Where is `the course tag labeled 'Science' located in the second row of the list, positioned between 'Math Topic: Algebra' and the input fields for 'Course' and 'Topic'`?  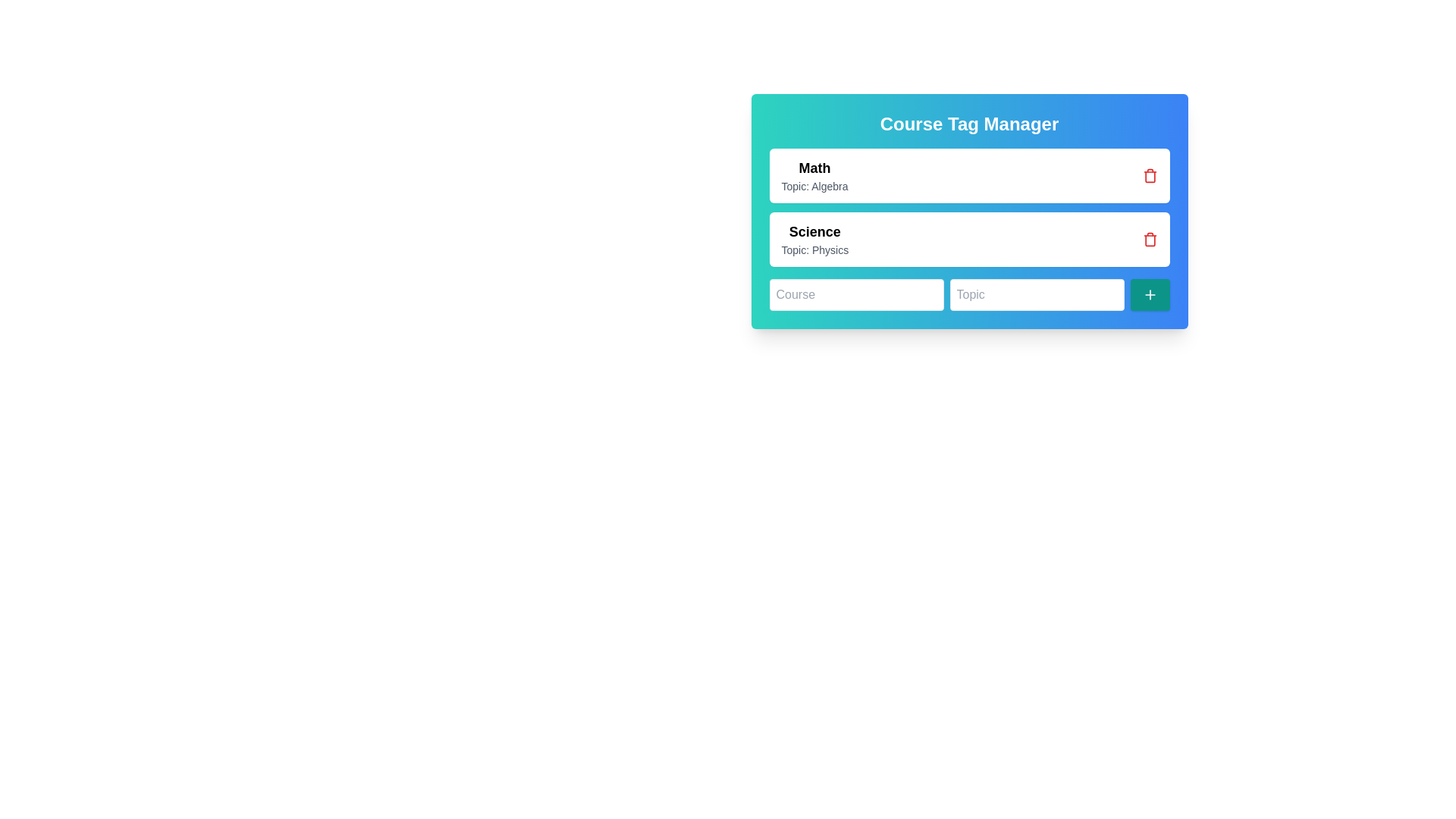
the course tag labeled 'Science' located in the second row of the list, positioned between 'Math Topic: Algebra' and the input fields for 'Course' and 'Topic' is located at coordinates (814, 239).